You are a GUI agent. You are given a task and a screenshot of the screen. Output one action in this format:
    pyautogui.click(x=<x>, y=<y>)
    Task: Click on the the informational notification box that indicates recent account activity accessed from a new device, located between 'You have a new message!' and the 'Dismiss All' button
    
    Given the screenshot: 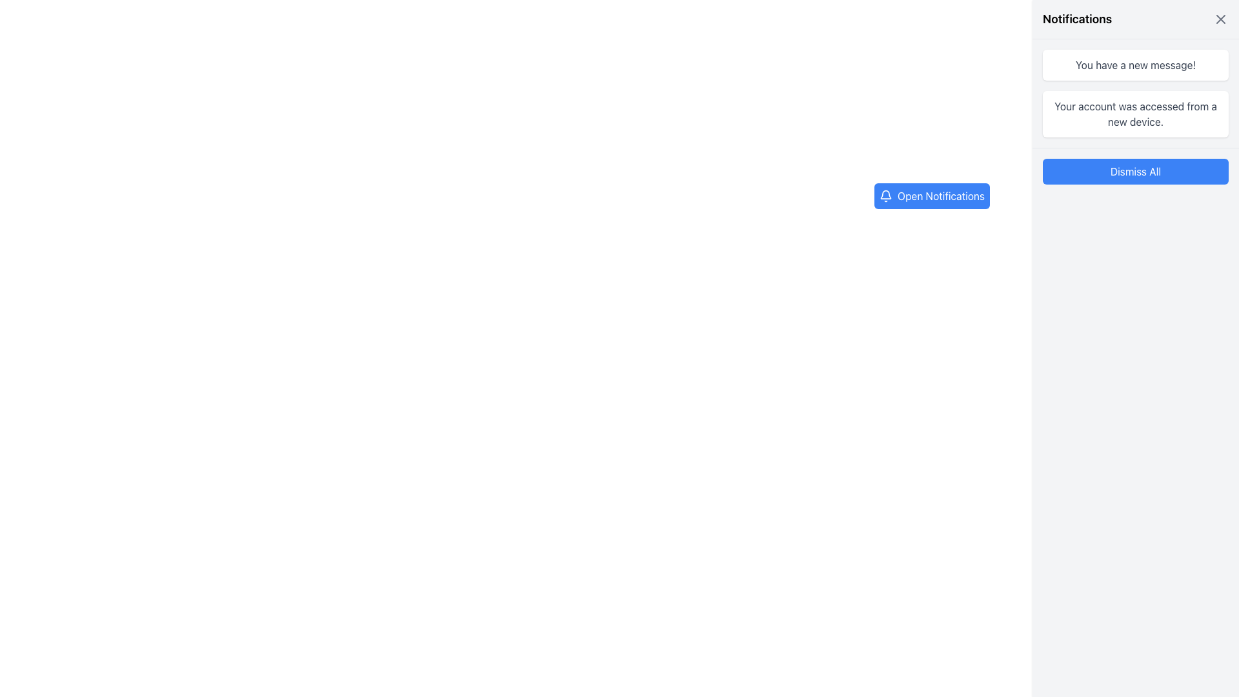 What is the action you would take?
    pyautogui.click(x=1136, y=114)
    